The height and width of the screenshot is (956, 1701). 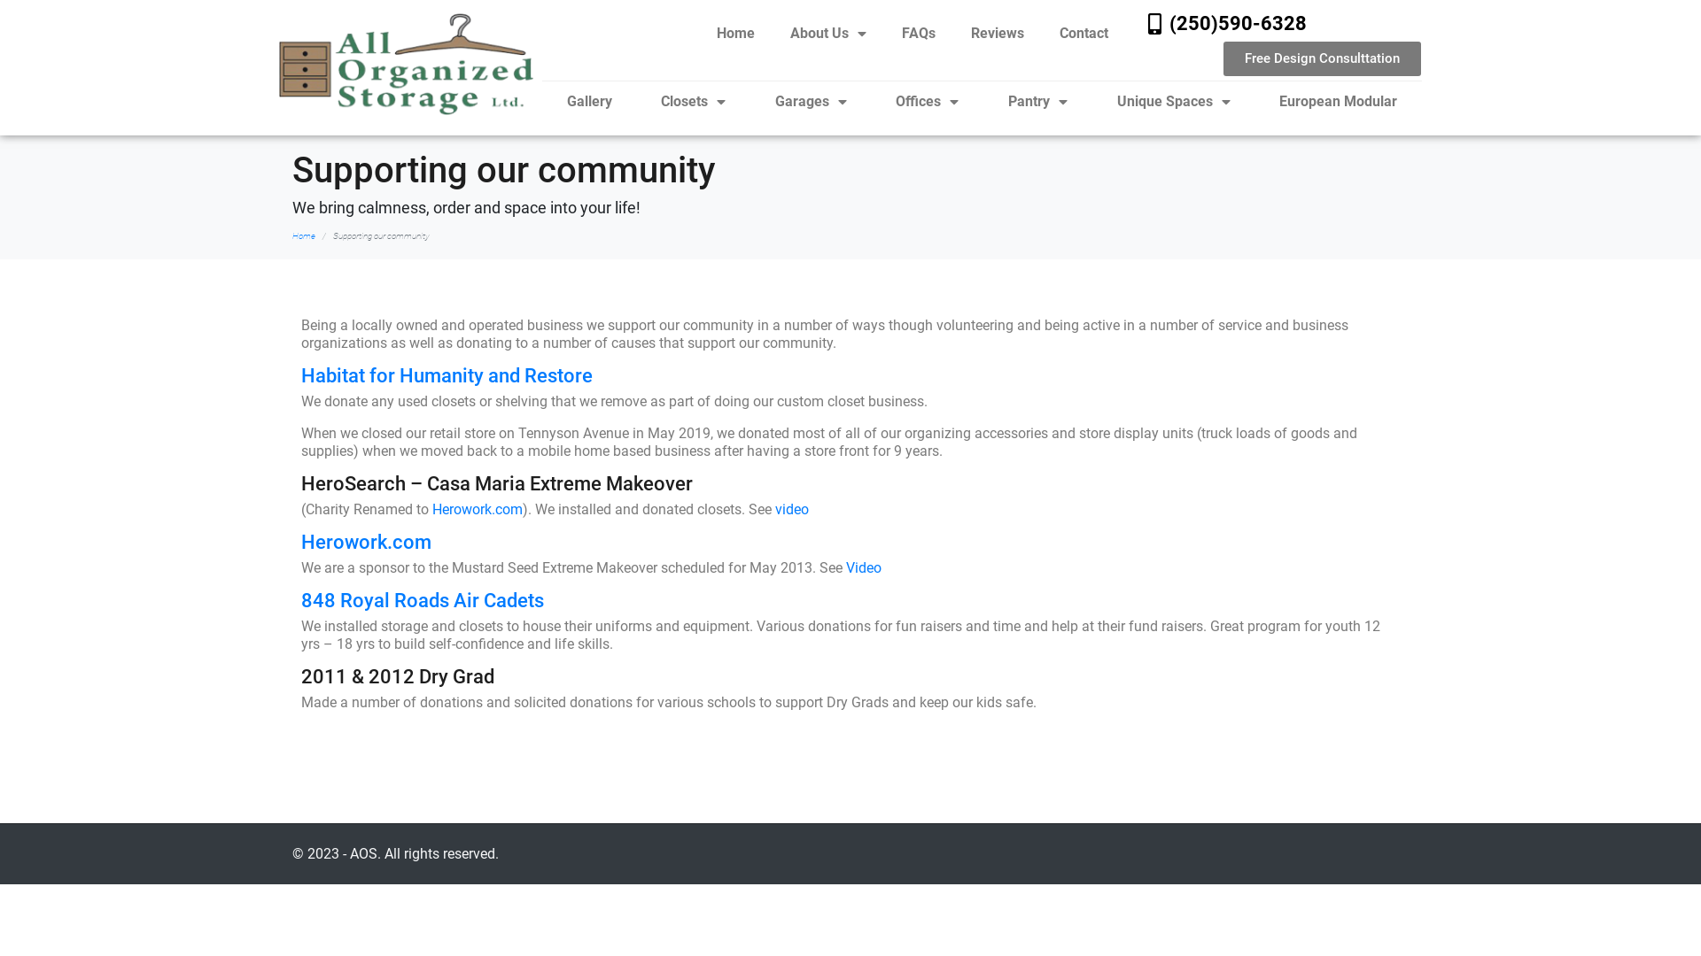 I want to click on 'Closets', so click(x=692, y=102).